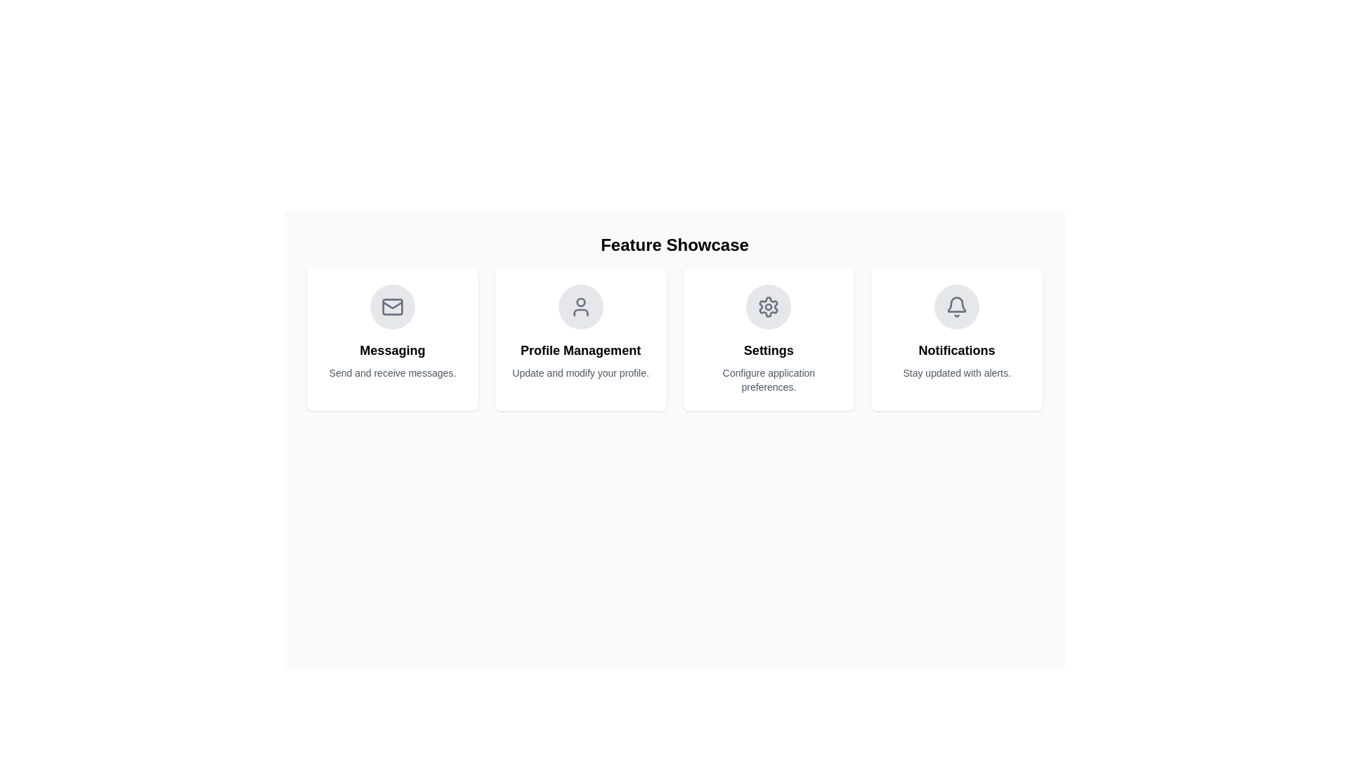 The image size is (1349, 759). What do you see at coordinates (392, 372) in the screenshot?
I see `the text label displaying 'Send and receive messages.' located beneath the 'Messaging' heading in the content card titled 'Messaging'` at bounding box center [392, 372].